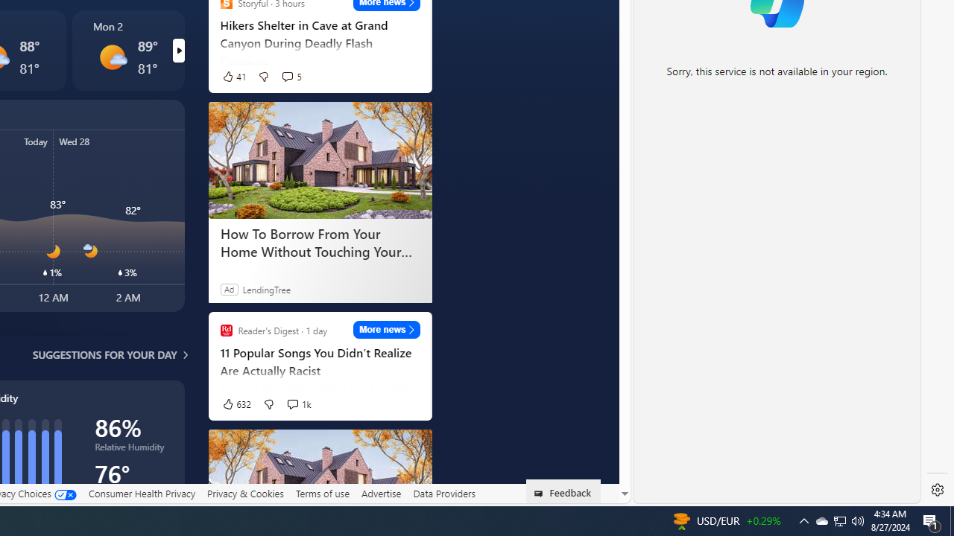 This screenshot has width=954, height=536. What do you see at coordinates (112, 57) in the screenshot?
I see `'Mostly sunny'` at bounding box center [112, 57].